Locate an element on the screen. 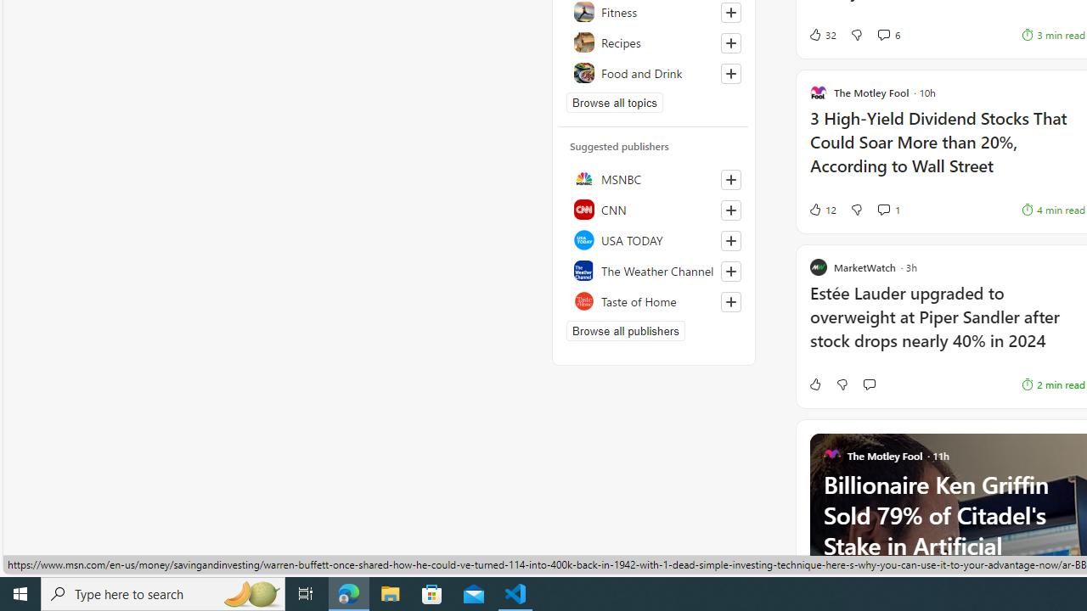 The image size is (1087, 611). 'Follow this topic' is located at coordinates (730, 73).